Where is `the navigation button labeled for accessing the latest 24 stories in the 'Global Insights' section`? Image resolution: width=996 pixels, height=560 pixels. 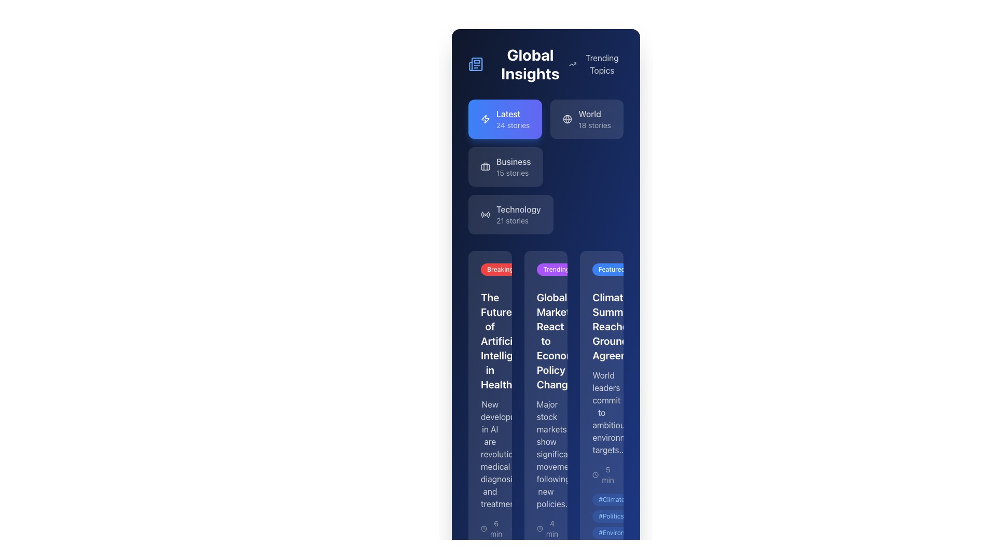
the navigation button labeled for accessing the latest 24 stories in the 'Global Insights' section is located at coordinates (513, 119).